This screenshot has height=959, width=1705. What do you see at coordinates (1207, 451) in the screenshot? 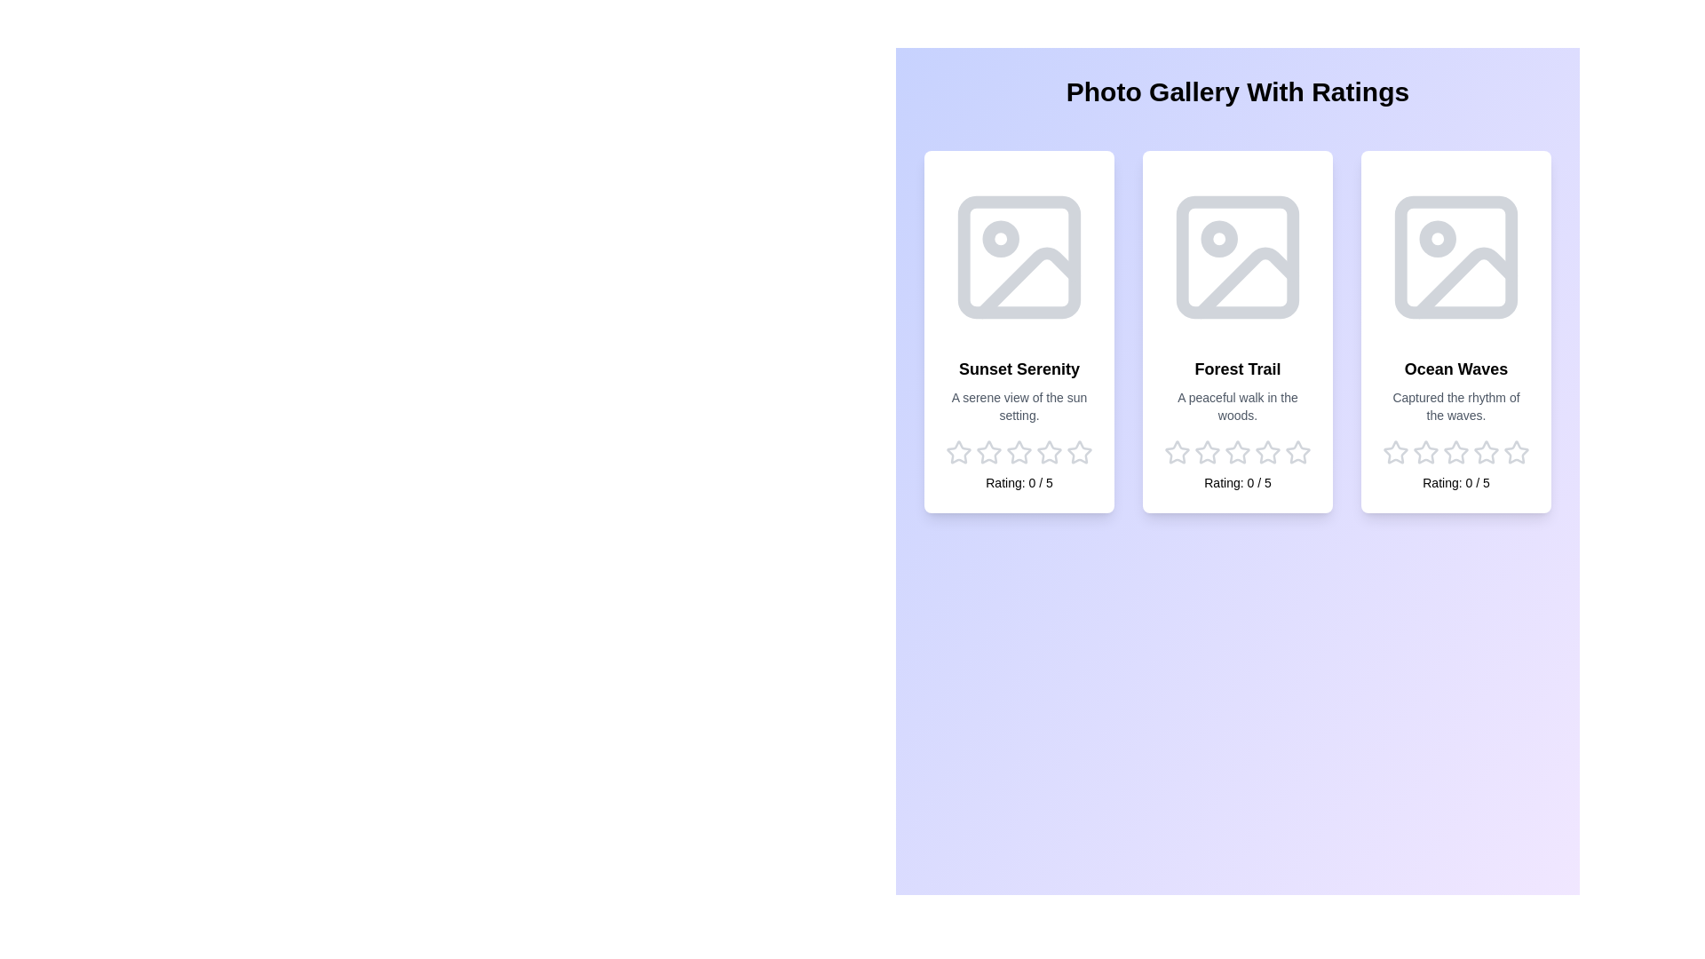
I see `the star corresponding to the rating 2 for the image Forest Trail` at bounding box center [1207, 451].